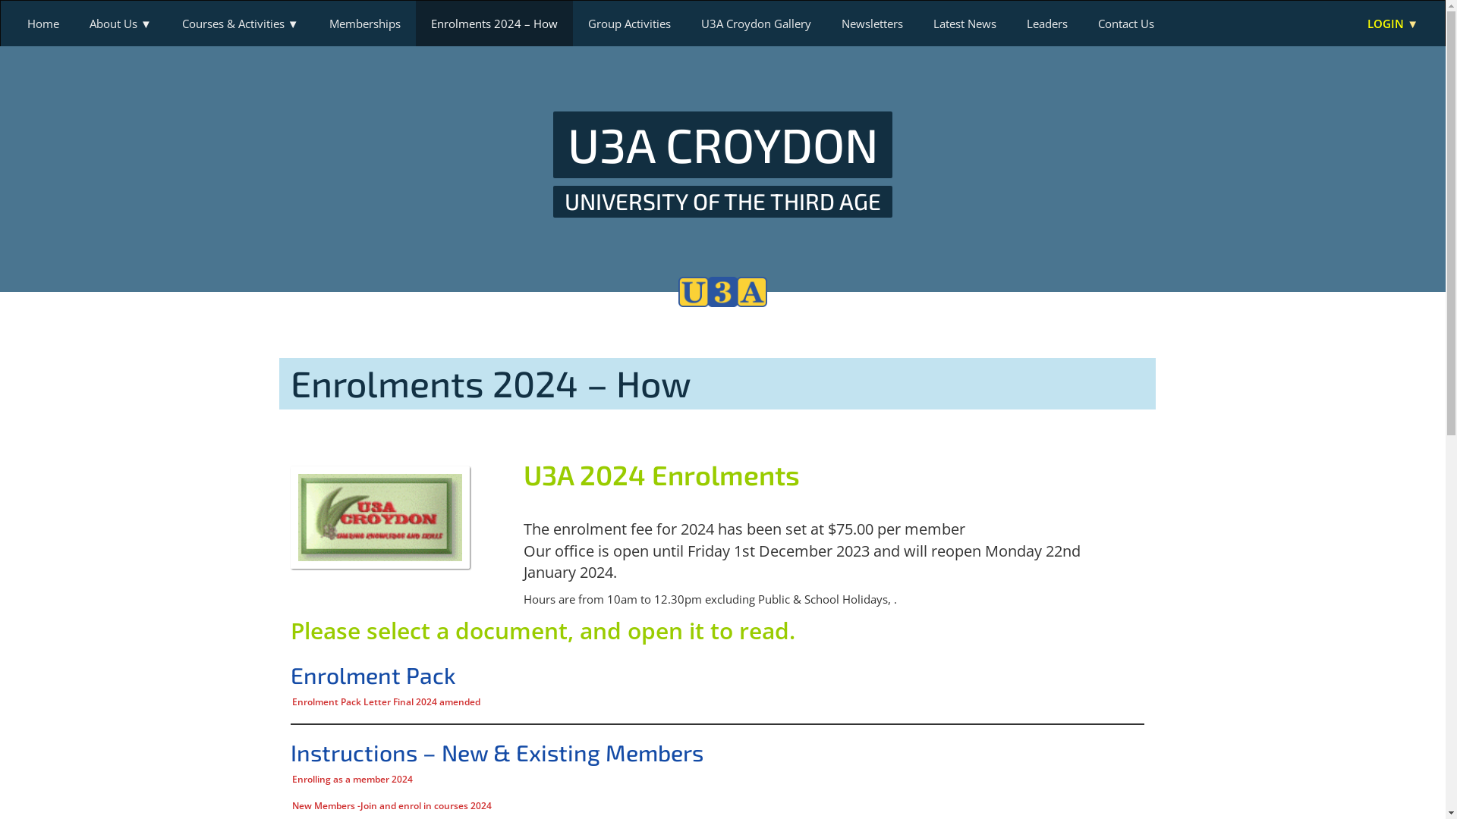 The height and width of the screenshot is (819, 1457). Describe the element at coordinates (826, 23) in the screenshot. I see `'Newsletters'` at that location.